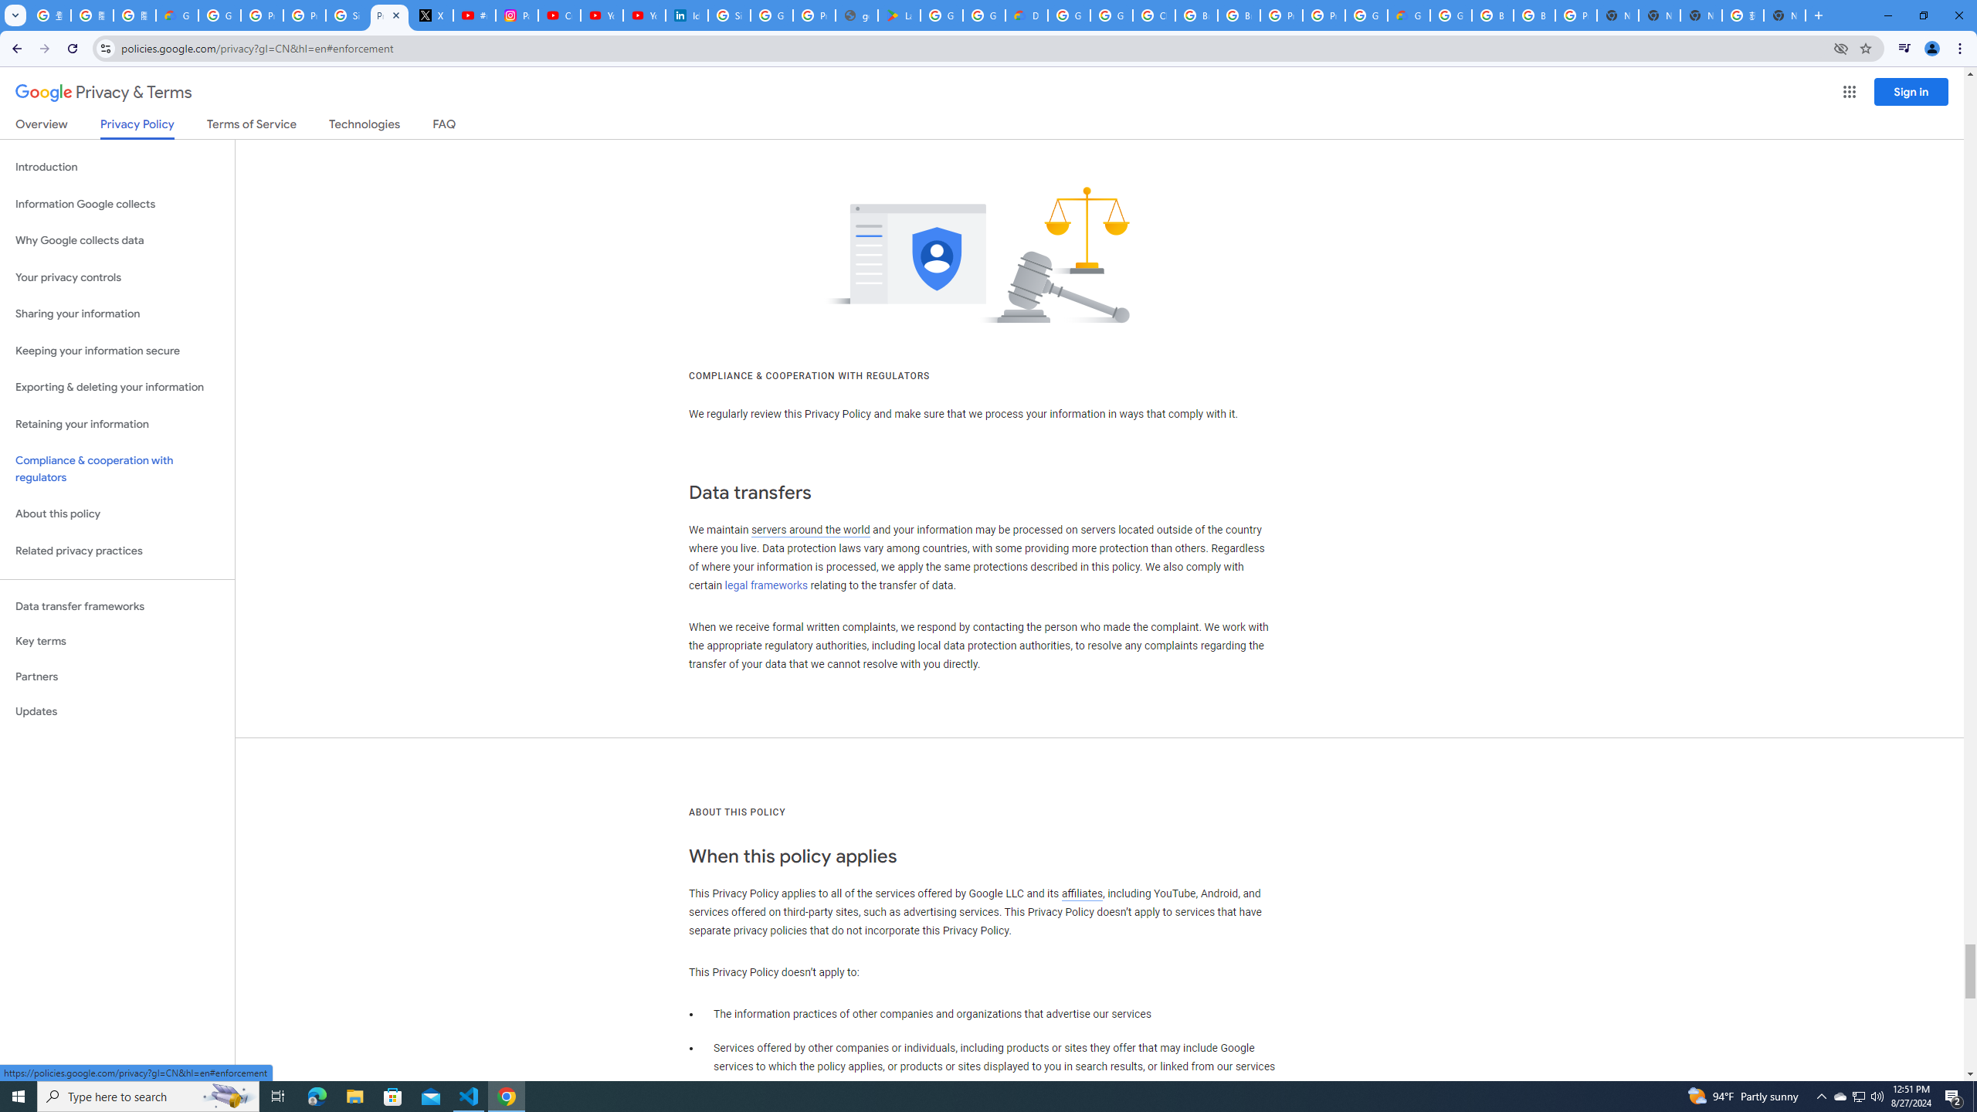 This screenshot has height=1112, width=1977. Describe the element at coordinates (809, 529) in the screenshot. I see `'servers around the world'` at that location.